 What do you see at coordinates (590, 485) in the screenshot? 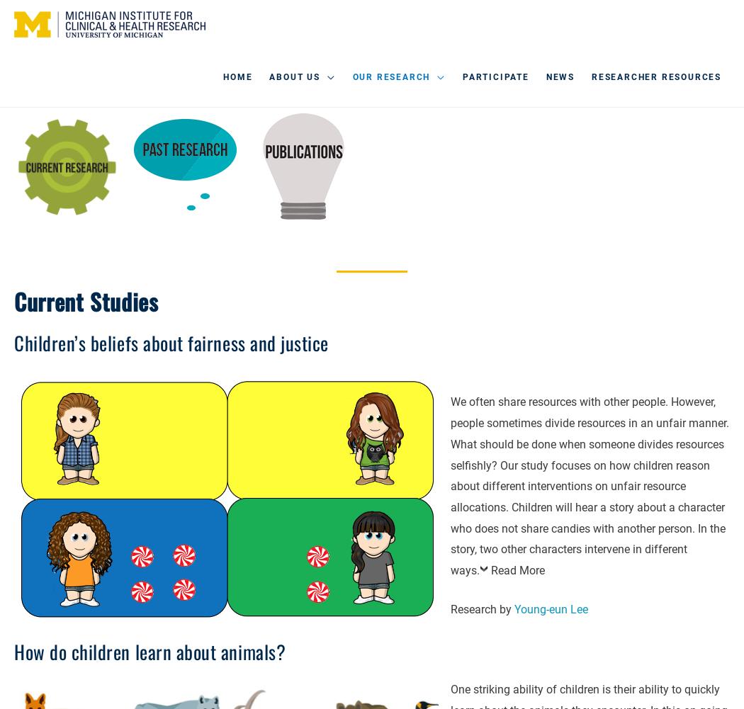
I see `'We often share resources with other people. However, people sometimes divide resources in an unfair manner. What should be done when someone divides resources selfishly? Our study focuses on how children reason about different interventions on unfair resource allocations. Children will hear a story about a character who does not share candies with another person. In the story, two other characters intervene in different ways.'` at bounding box center [590, 485].